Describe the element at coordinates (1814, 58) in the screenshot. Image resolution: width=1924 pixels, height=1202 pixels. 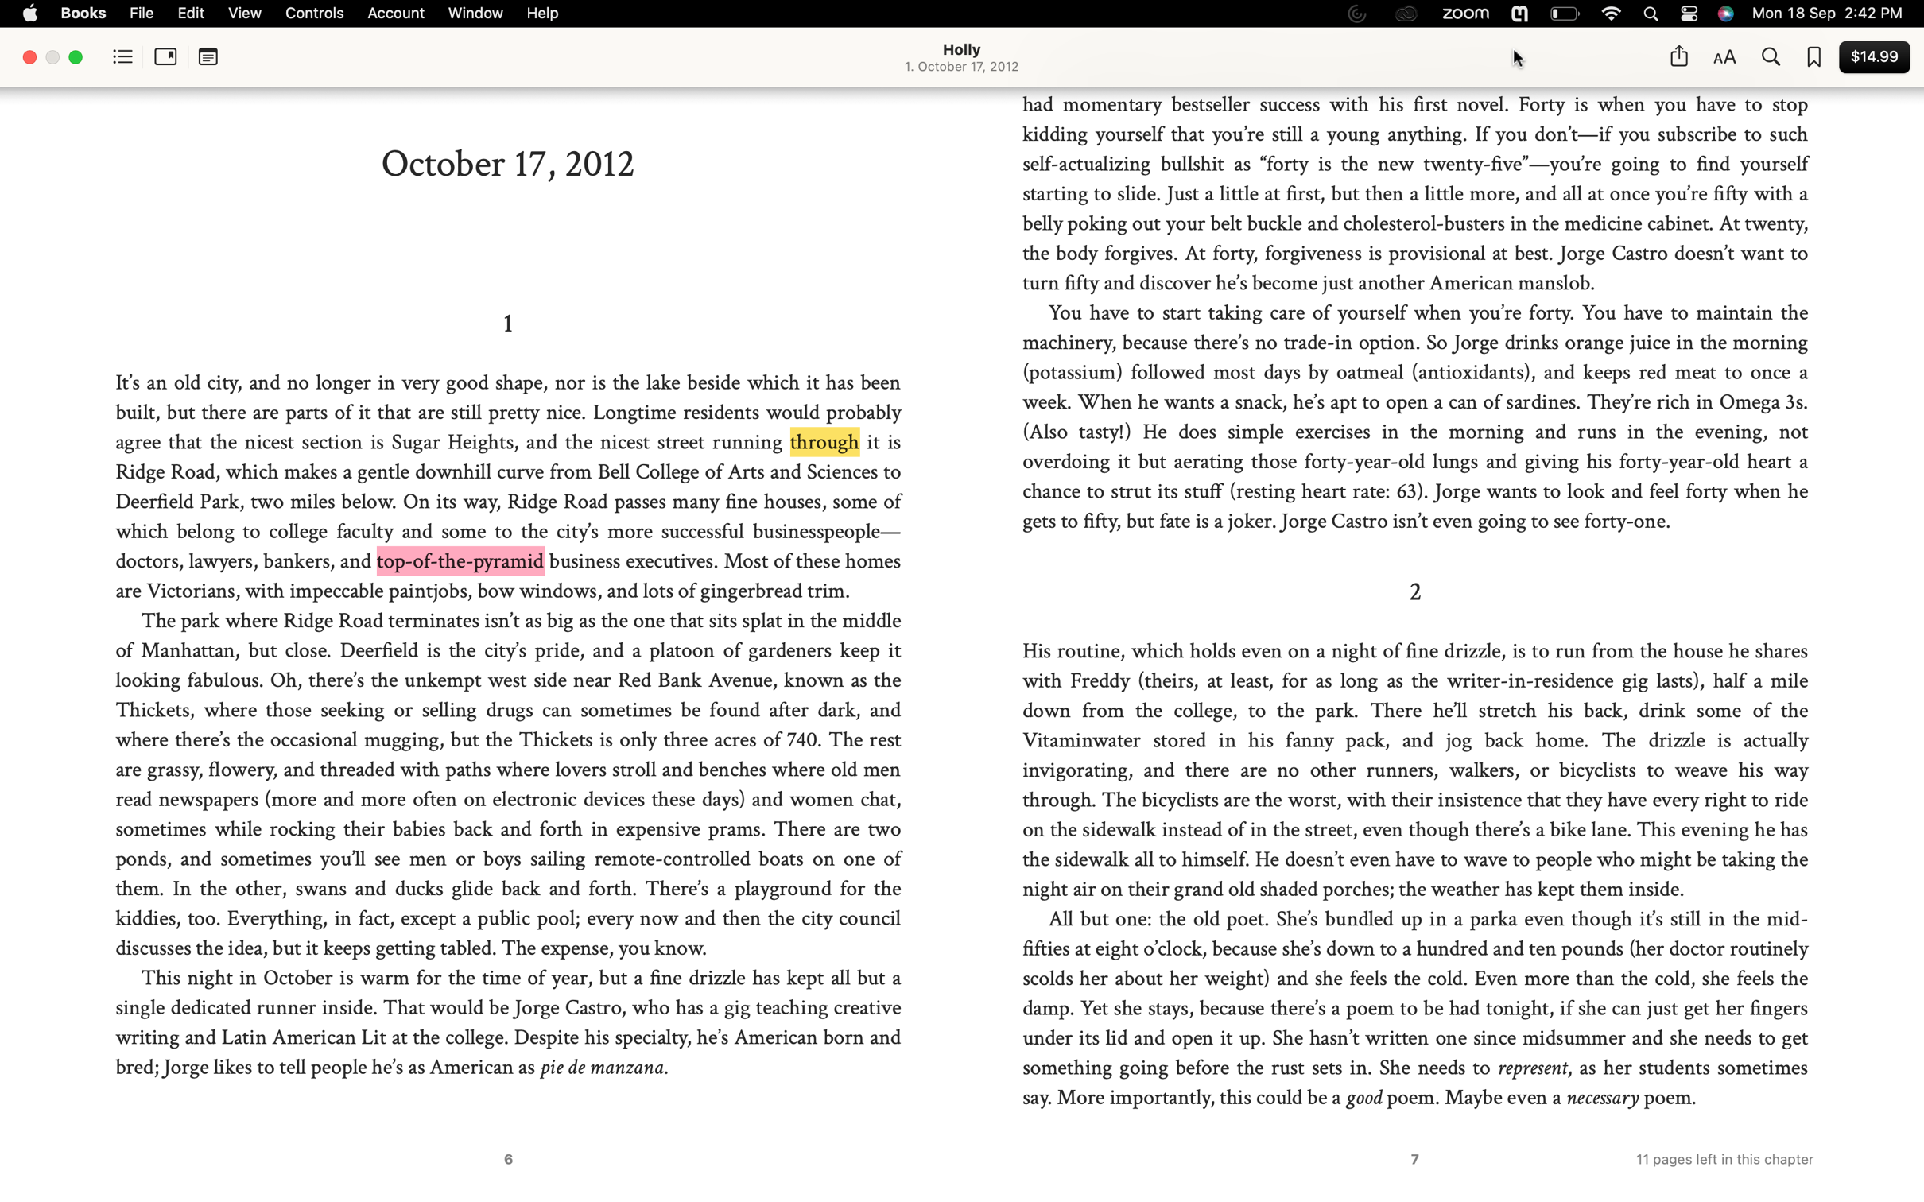
I see `Mark the current webpage for later reference and open the bookmark list` at that location.